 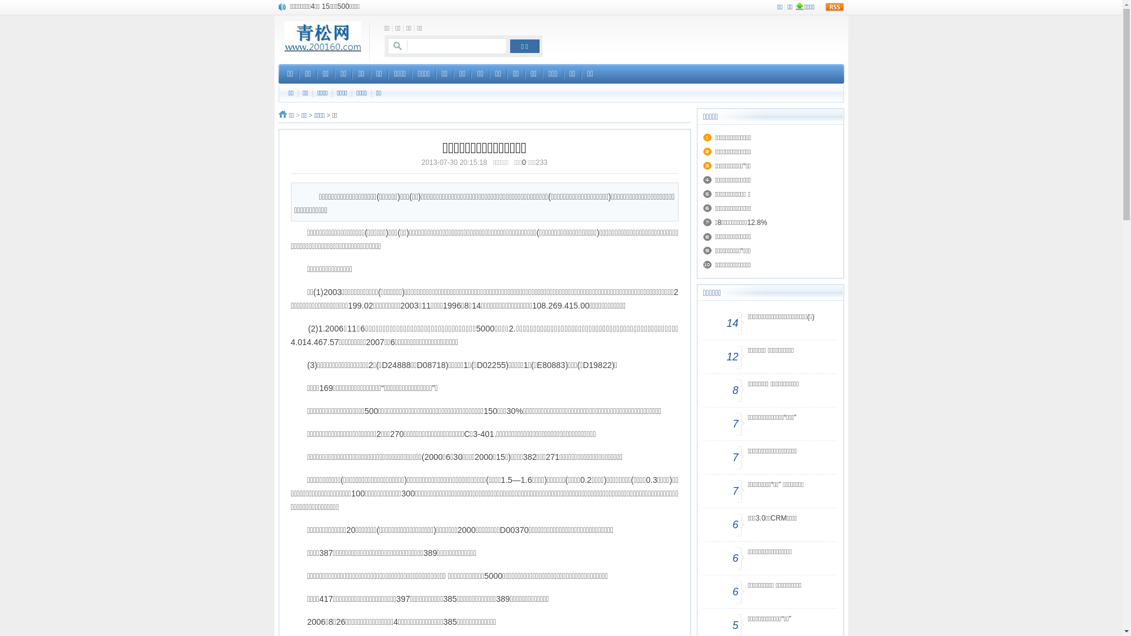 I want to click on '0', so click(x=521, y=163).